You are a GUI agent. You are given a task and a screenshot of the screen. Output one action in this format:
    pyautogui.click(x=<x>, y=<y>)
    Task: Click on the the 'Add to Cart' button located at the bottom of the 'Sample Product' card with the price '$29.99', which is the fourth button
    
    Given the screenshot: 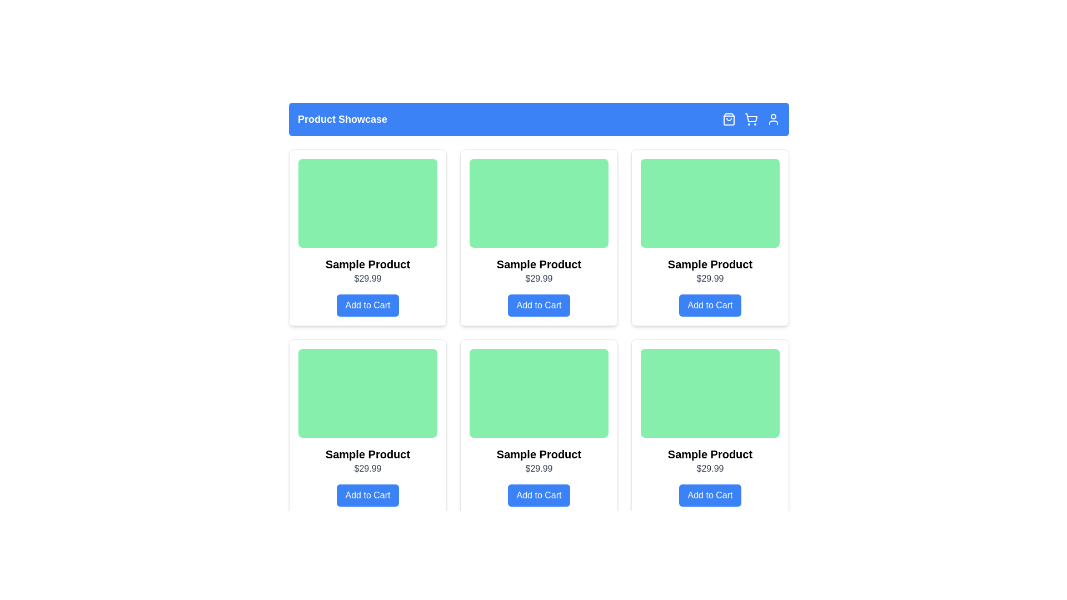 What is the action you would take?
    pyautogui.click(x=539, y=306)
    